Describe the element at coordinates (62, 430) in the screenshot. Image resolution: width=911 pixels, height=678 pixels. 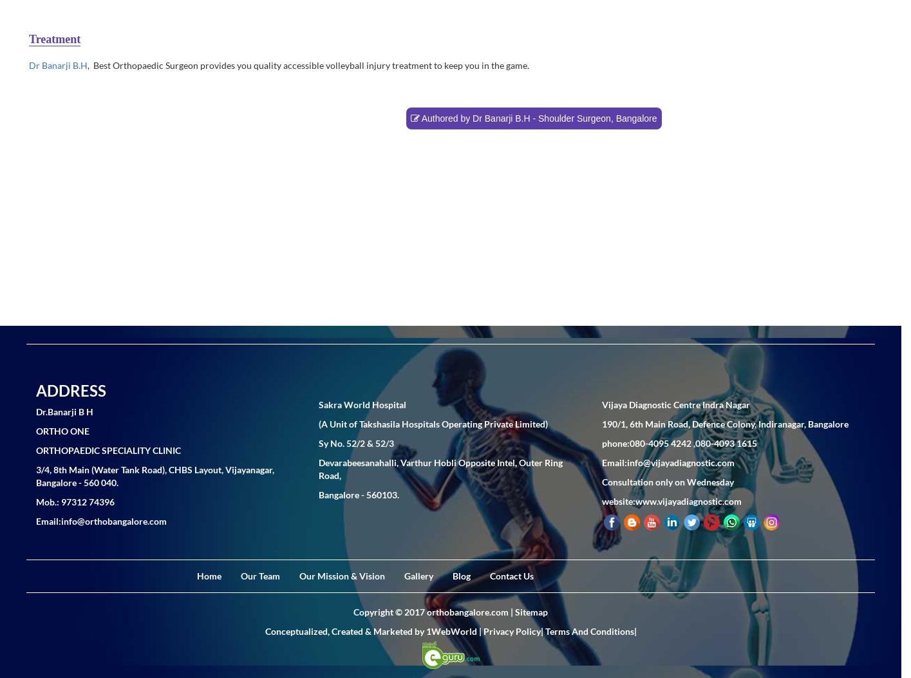
I see `'ORTHO ONE'` at that location.